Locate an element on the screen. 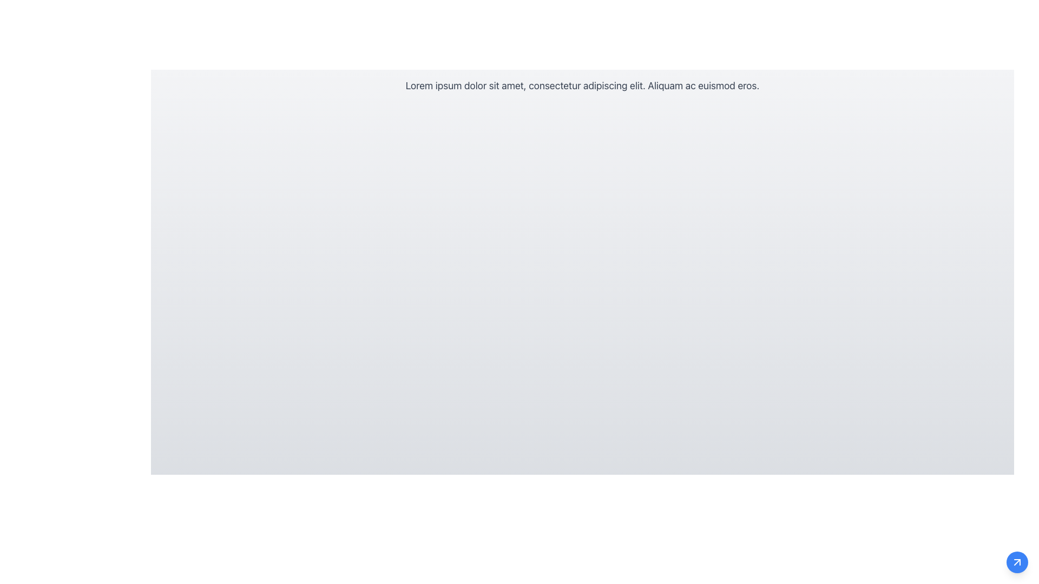 The width and height of the screenshot is (1039, 584). the icon located inside the circular blue button in the bottom-right corner is located at coordinates (1017, 562).